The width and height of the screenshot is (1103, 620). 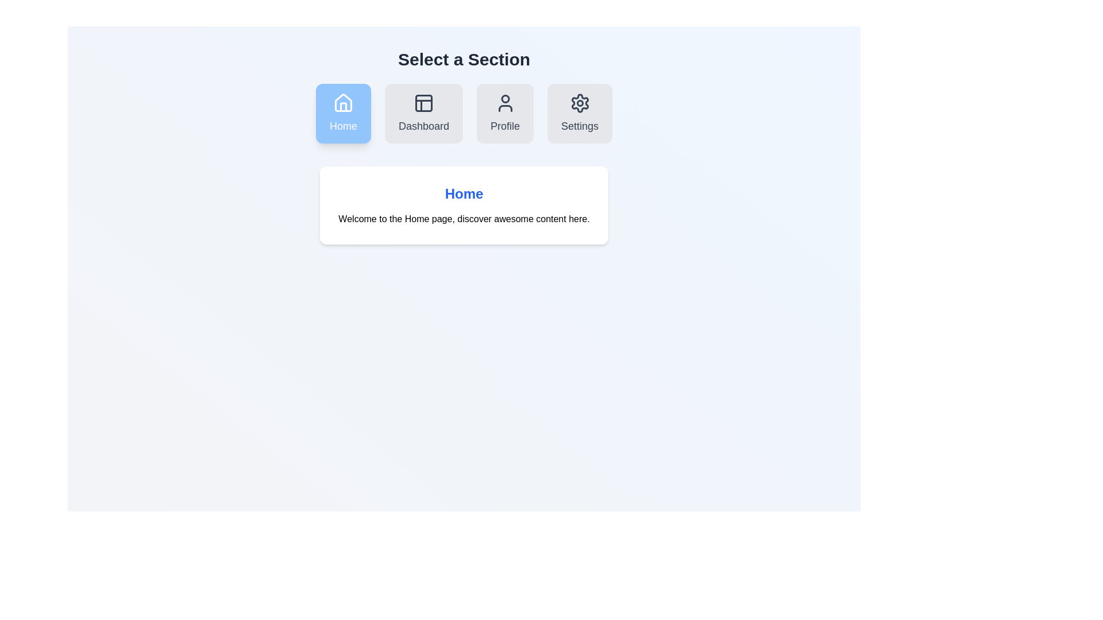 What do you see at coordinates (505, 113) in the screenshot?
I see `the Profile section icon to select it` at bounding box center [505, 113].